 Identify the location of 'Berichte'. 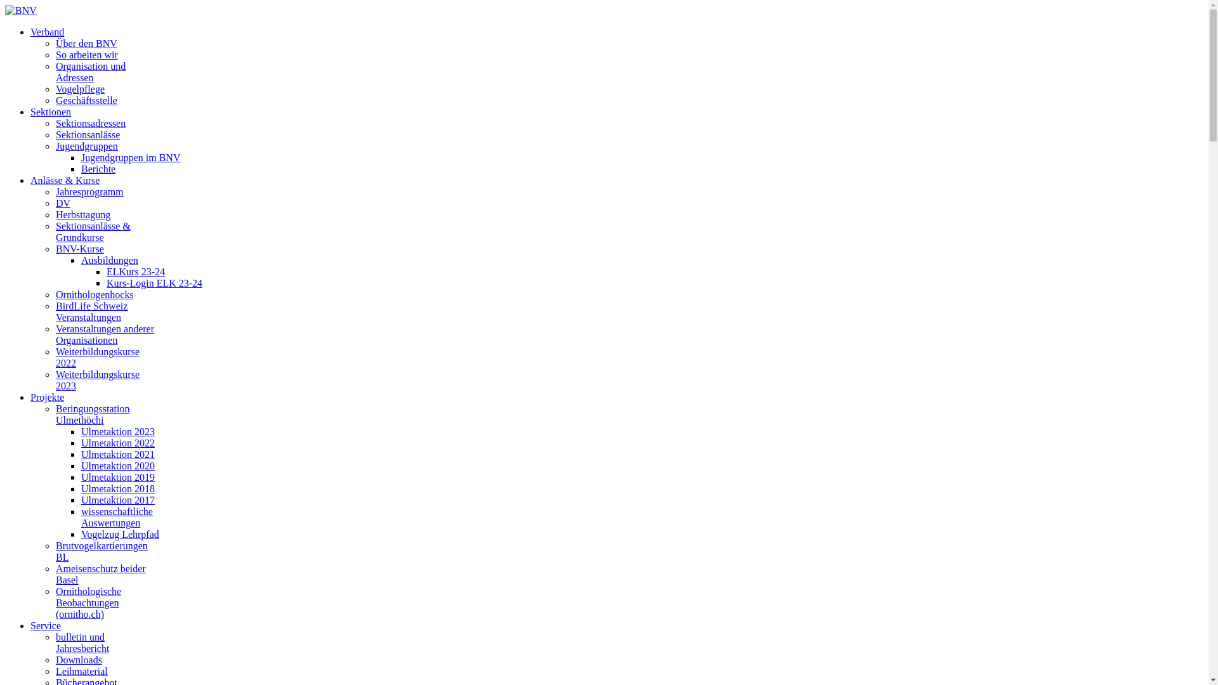
(97, 168).